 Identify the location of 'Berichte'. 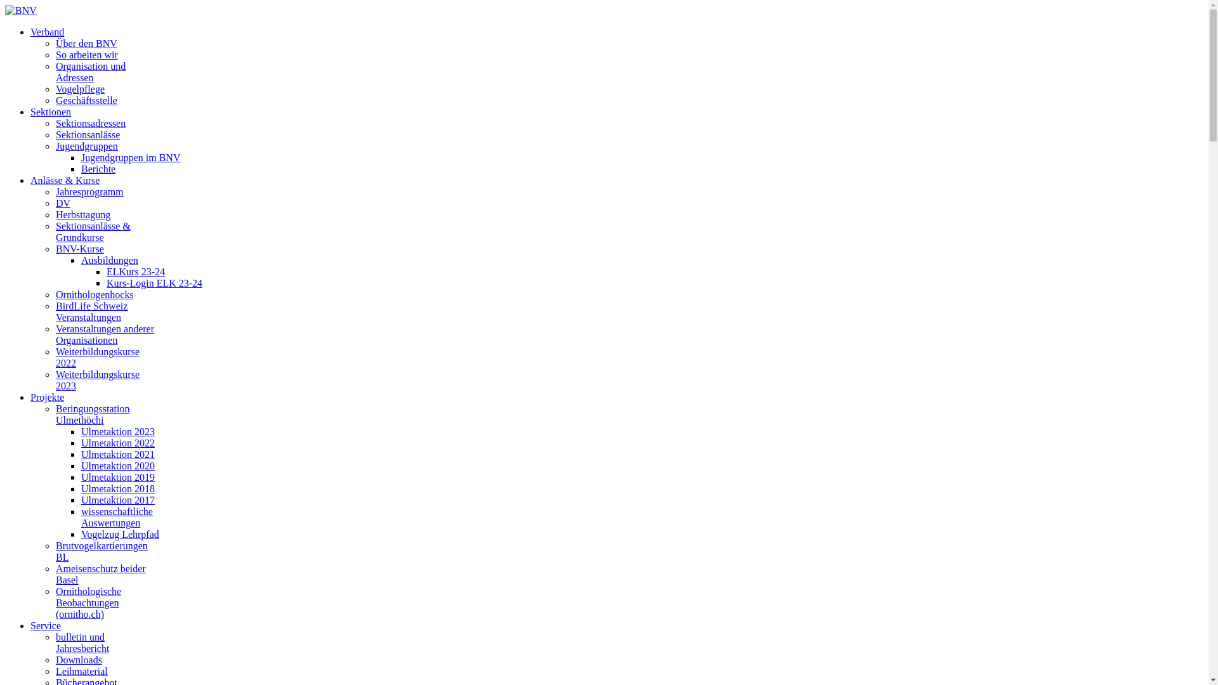
(97, 168).